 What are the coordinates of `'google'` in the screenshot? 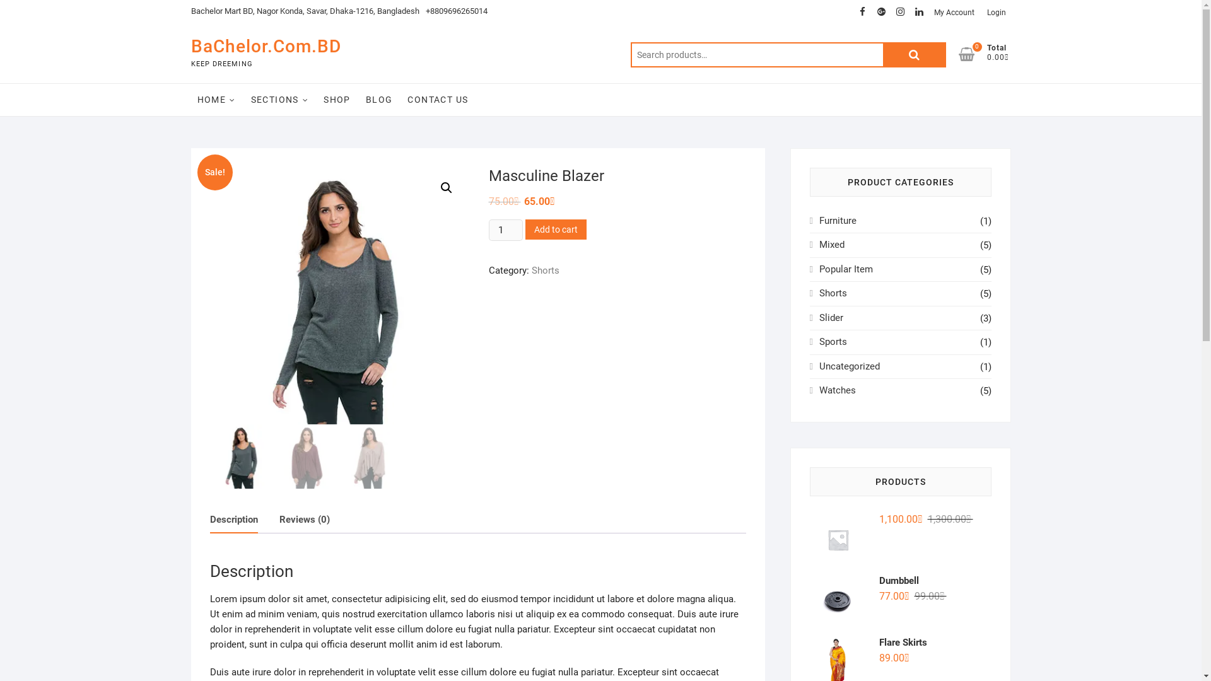 It's located at (871, 12).